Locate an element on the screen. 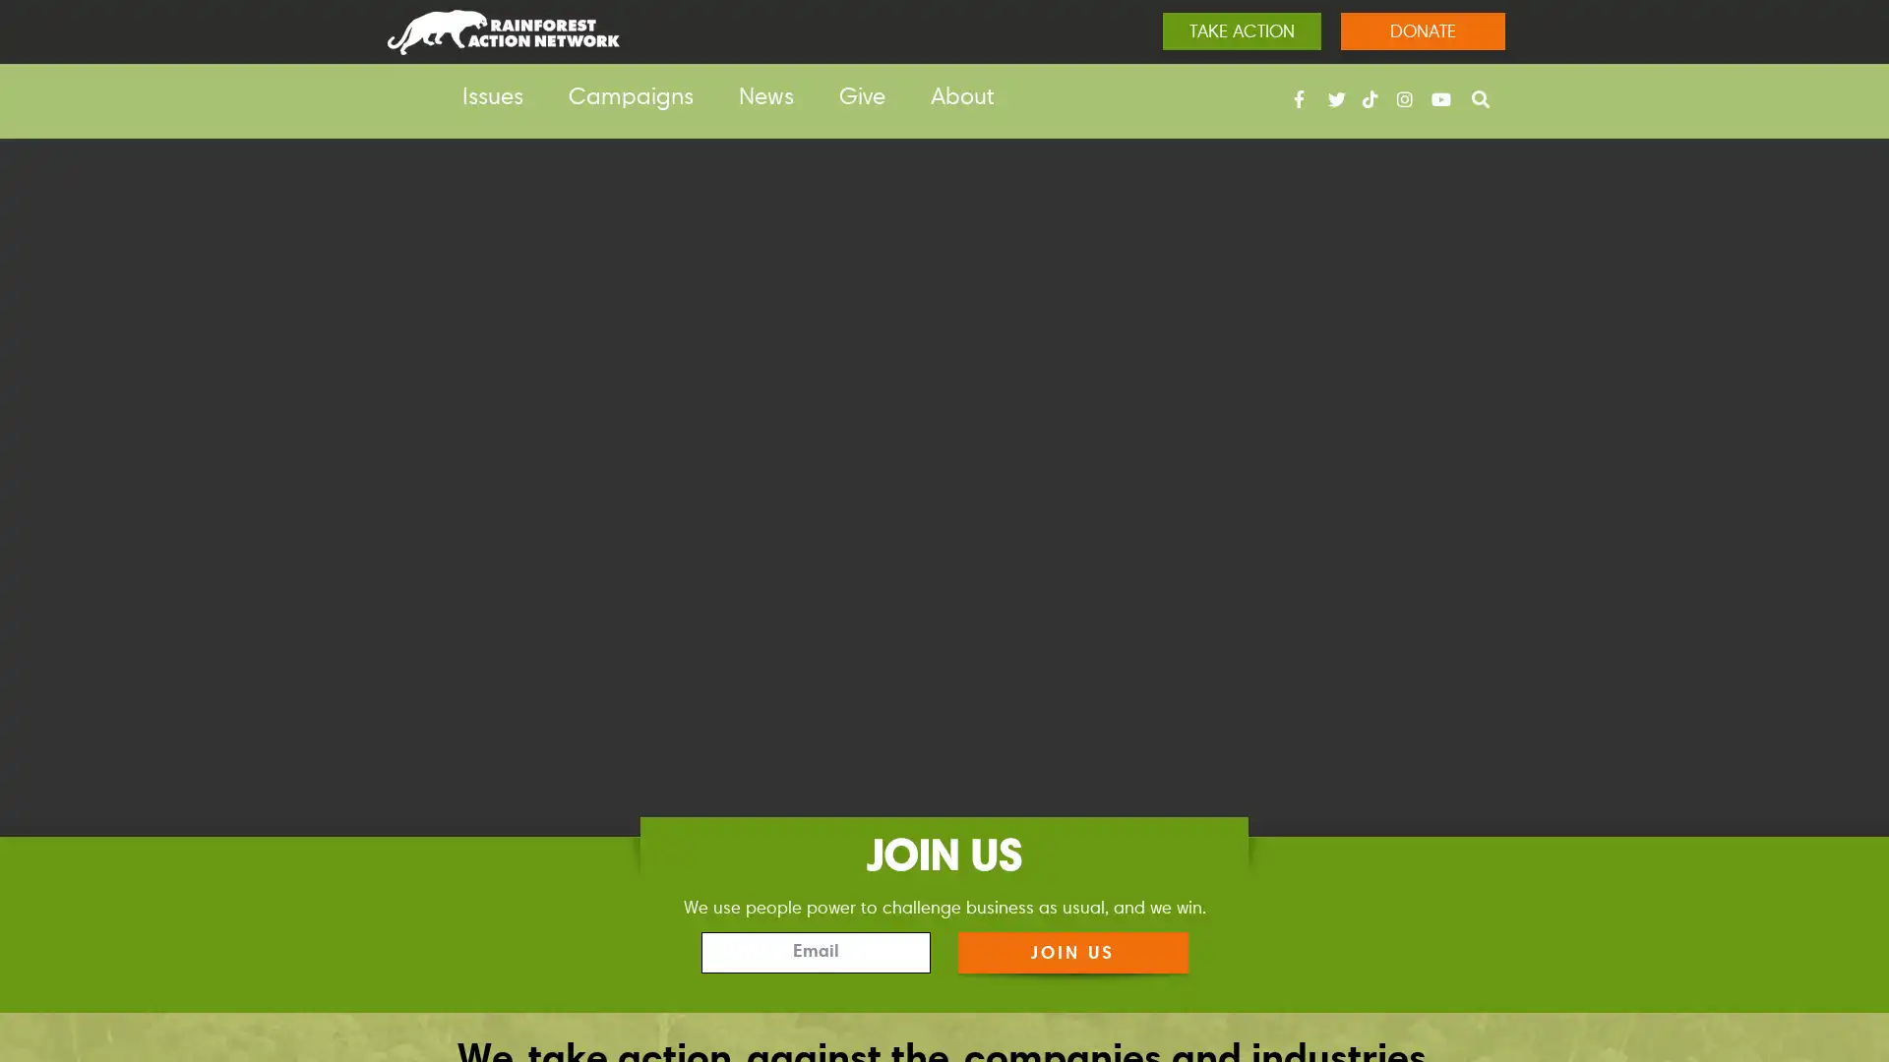 The image size is (1889, 1062). Join Us is located at coordinates (1070, 951).